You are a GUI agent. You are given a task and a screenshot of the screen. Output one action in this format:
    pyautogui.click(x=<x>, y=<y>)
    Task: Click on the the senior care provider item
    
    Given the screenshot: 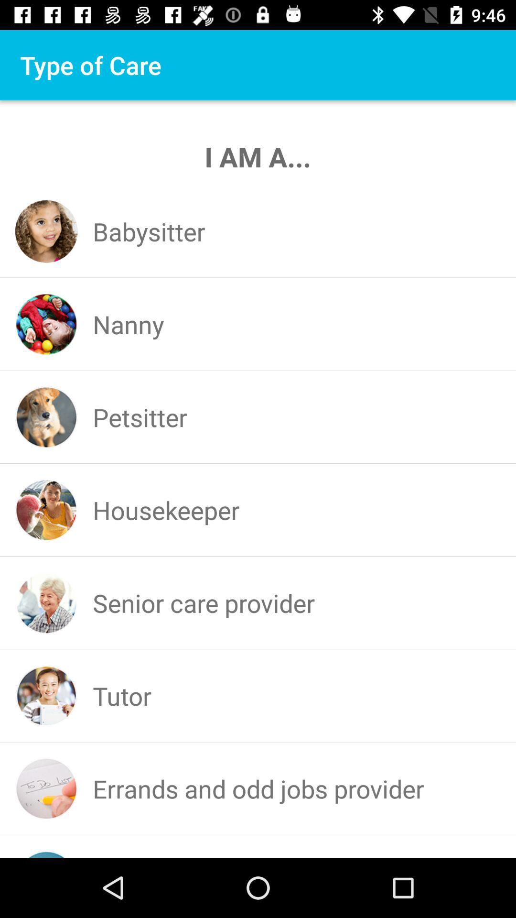 What is the action you would take?
    pyautogui.click(x=203, y=602)
    